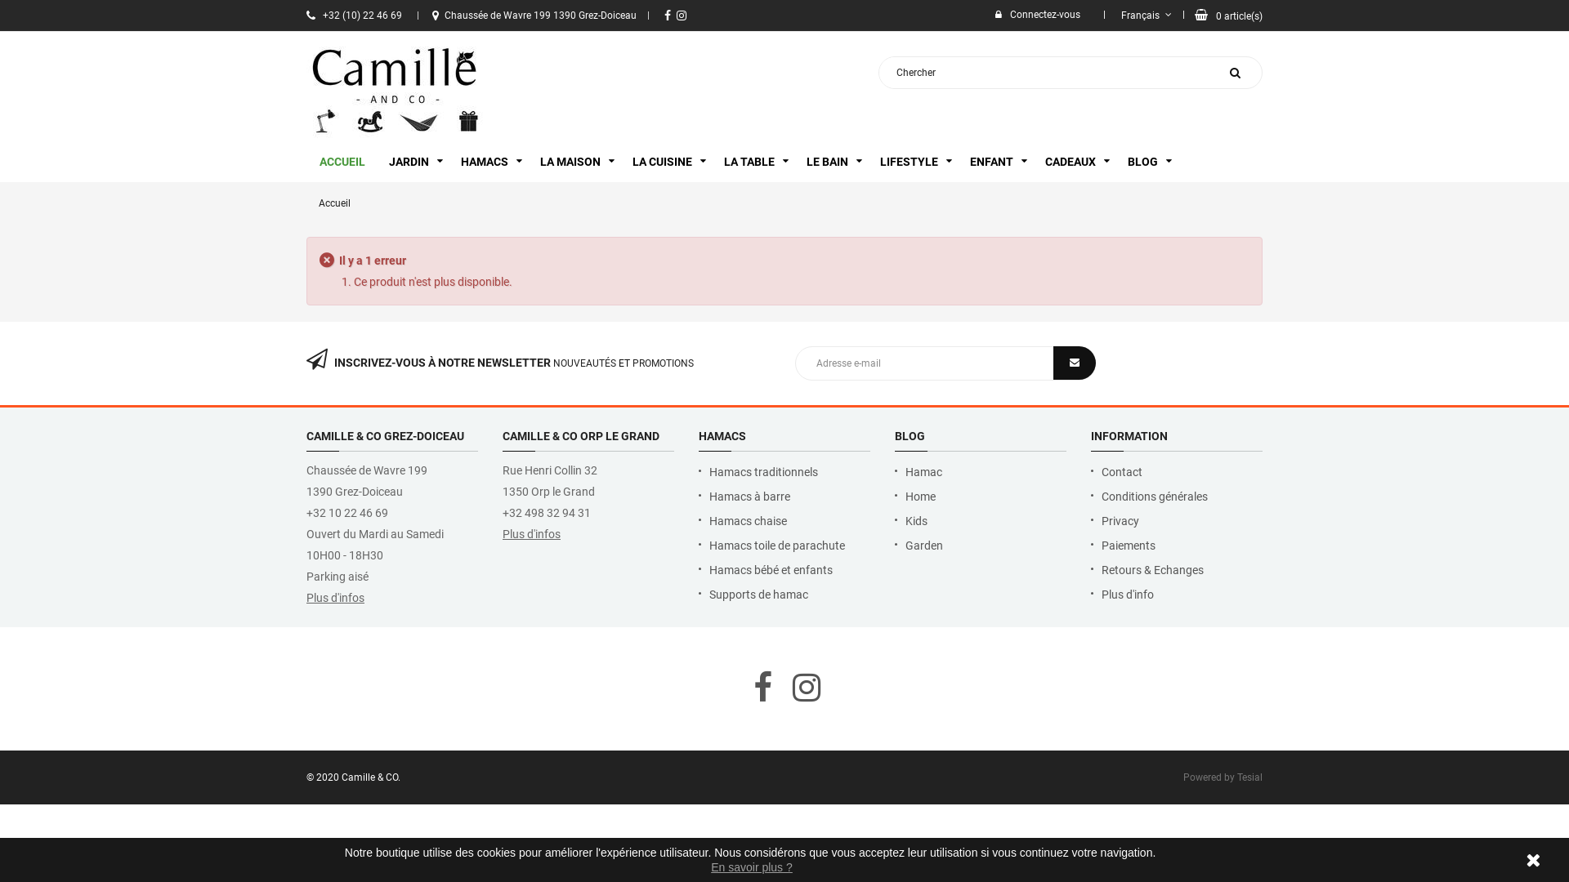 This screenshot has width=1569, height=882. I want to click on 'Home', so click(981, 496).